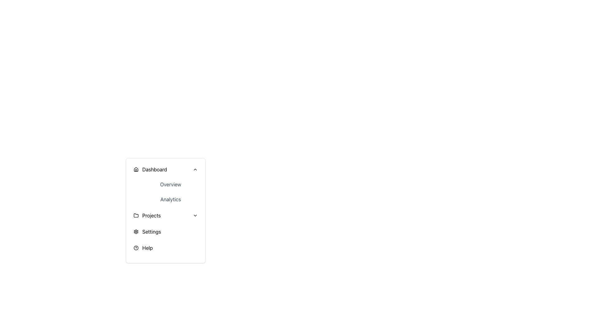  What do you see at coordinates (135, 169) in the screenshot?
I see `the small house icon located to the left of the 'Dashboard' text in the vertical menu` at bounding box center [135, 169].